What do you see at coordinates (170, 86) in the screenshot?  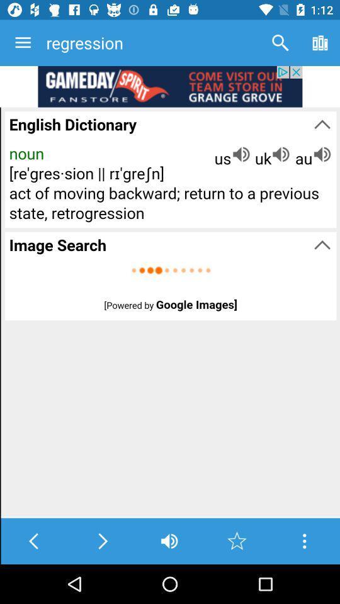 I see `advertisement` at bounding box center [170, 86].